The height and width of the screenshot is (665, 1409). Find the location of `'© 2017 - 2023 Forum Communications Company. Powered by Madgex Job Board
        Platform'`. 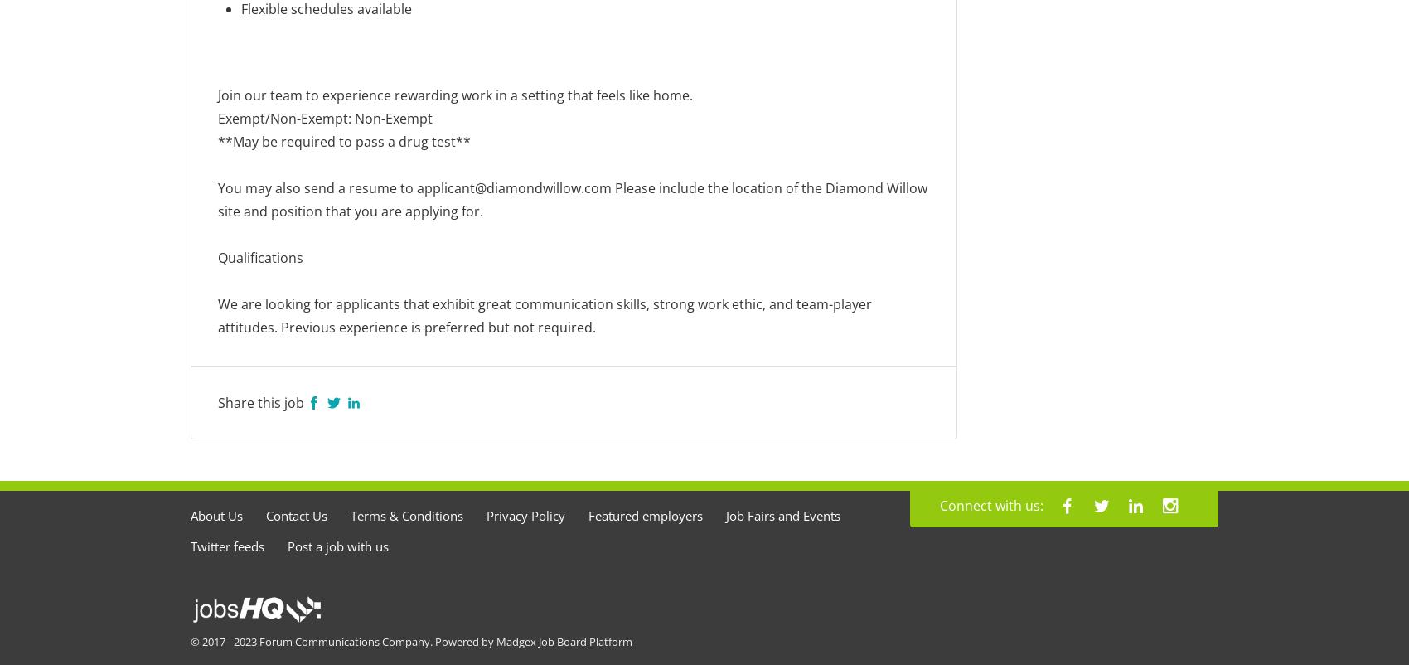

'© 2017 - 2023 Forum Communications Company. Powered by Madgex Job Board
        Platform' is located at coordinates (411, 639).